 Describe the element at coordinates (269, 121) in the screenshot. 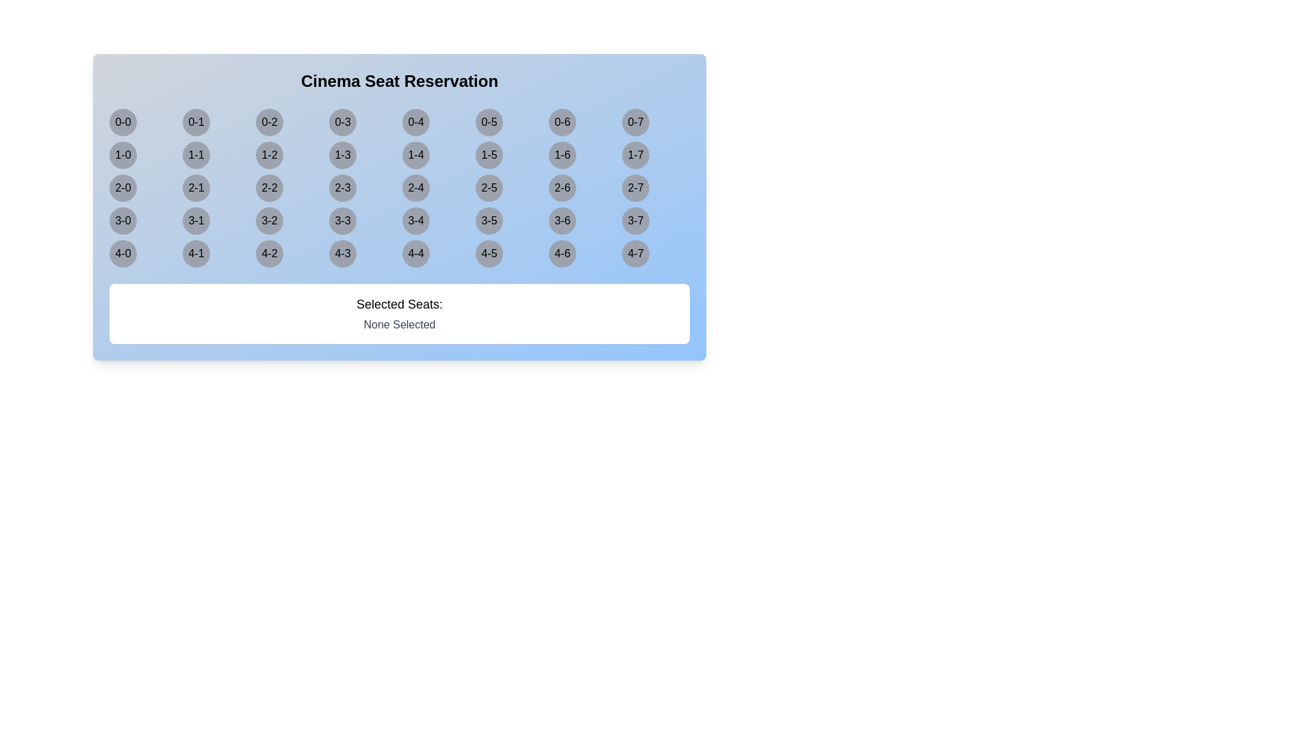

I see `the circular button labeled '0-2' located as the third item` at that location.